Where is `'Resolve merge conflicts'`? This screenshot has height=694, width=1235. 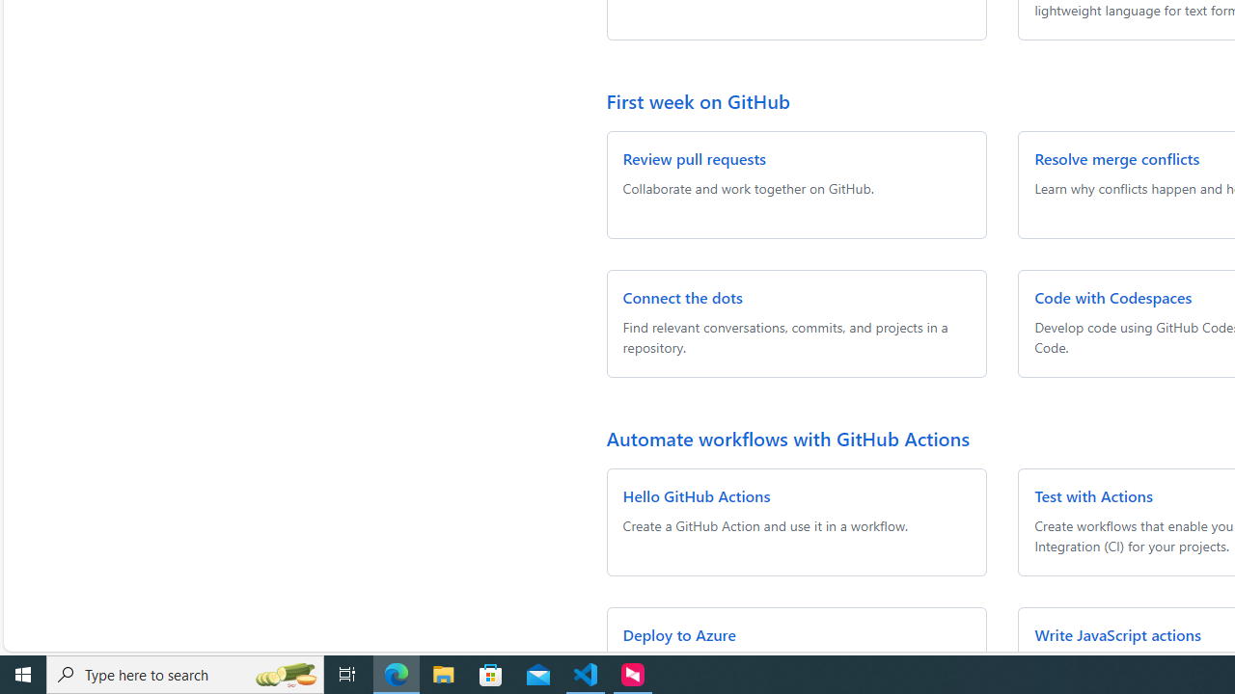 'Resolve merge conflicts' is located at coordinates (1117, 157).